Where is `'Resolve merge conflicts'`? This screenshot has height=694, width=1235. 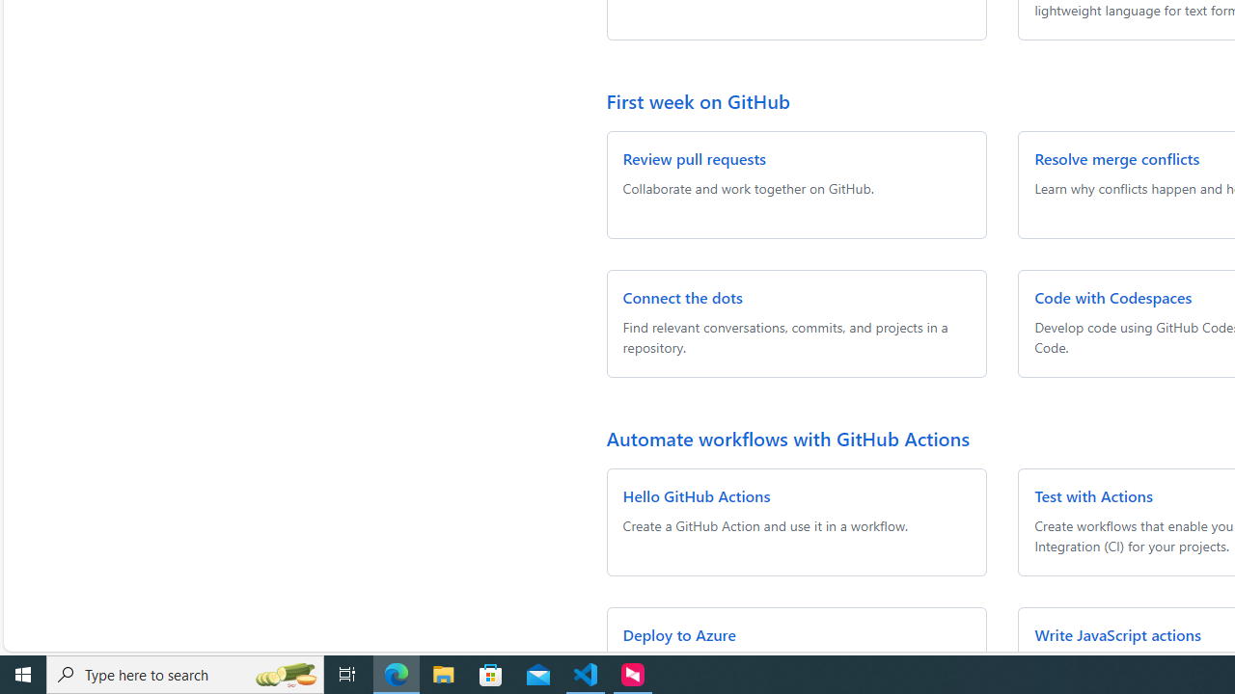 'Resolve merge conflicts' is located at coordinates (1117, 157).